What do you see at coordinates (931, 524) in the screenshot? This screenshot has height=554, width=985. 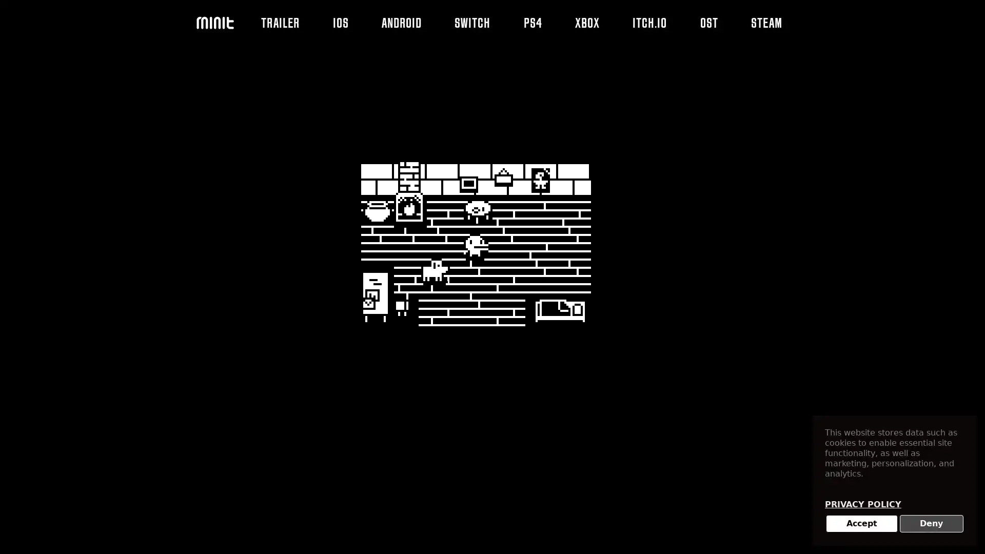 I see `Deny` at bounding box center [931, 524].